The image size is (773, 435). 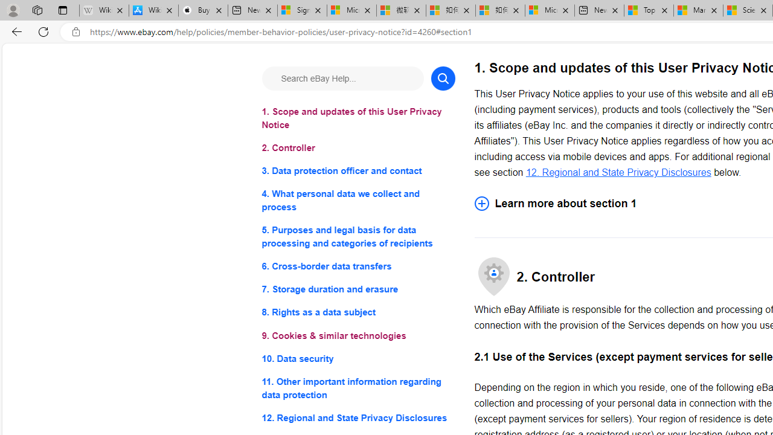 I want to click on '9. Cookies & similar technologies', so click(x=358, y=335).